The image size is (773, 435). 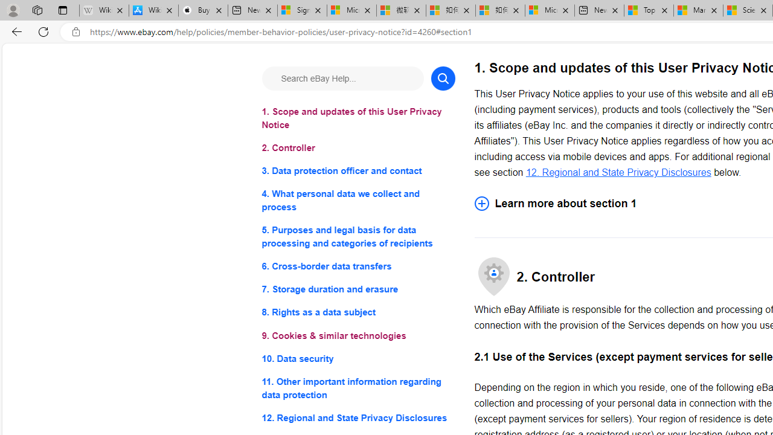 I want to click on '9. Cookies & similar technologies', so click(x=358, y=335).